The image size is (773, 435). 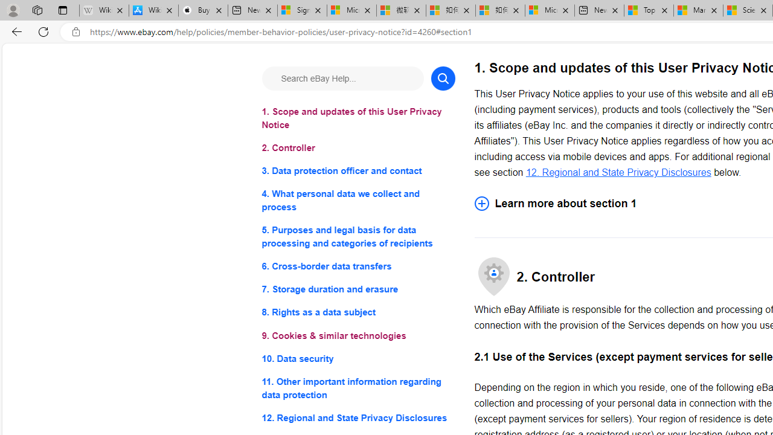 I want to click on '9. Cookies & similar technologies', so click(x=358, y=335).